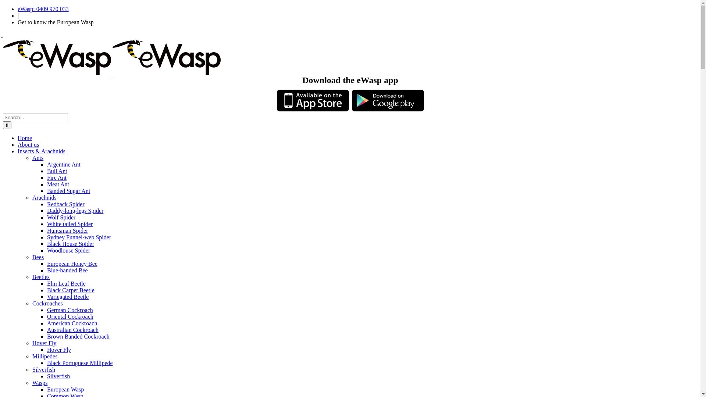 The height and width of the screenshot is (397, 706). I want to click on 'eWasp: 0409 970 033', so click(18, 9).